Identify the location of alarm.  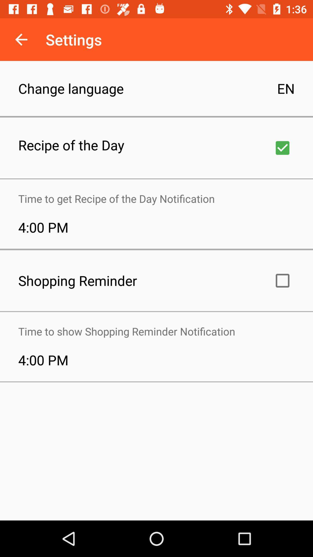
(282, 281).